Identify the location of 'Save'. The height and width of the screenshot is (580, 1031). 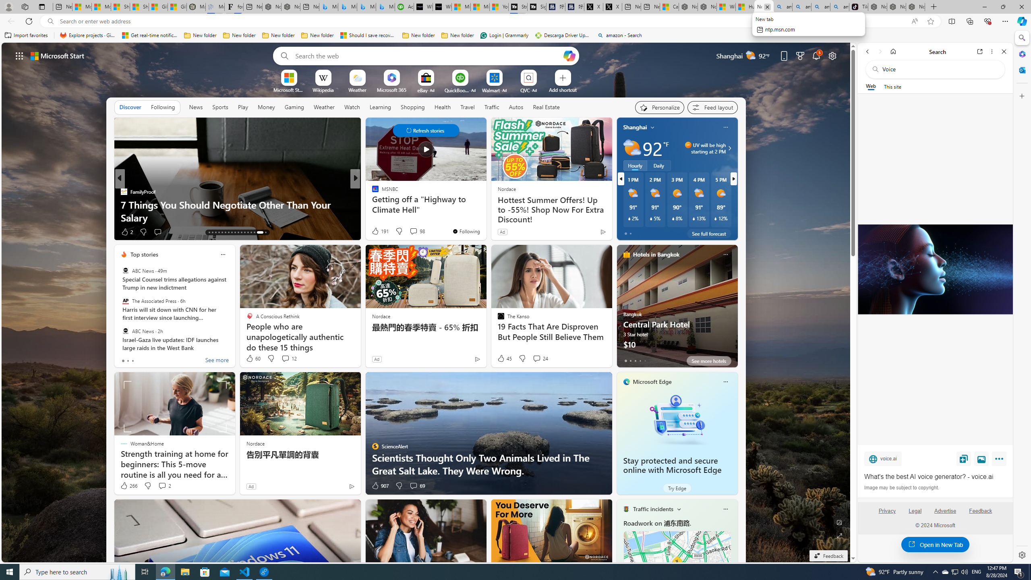
(963, 458).